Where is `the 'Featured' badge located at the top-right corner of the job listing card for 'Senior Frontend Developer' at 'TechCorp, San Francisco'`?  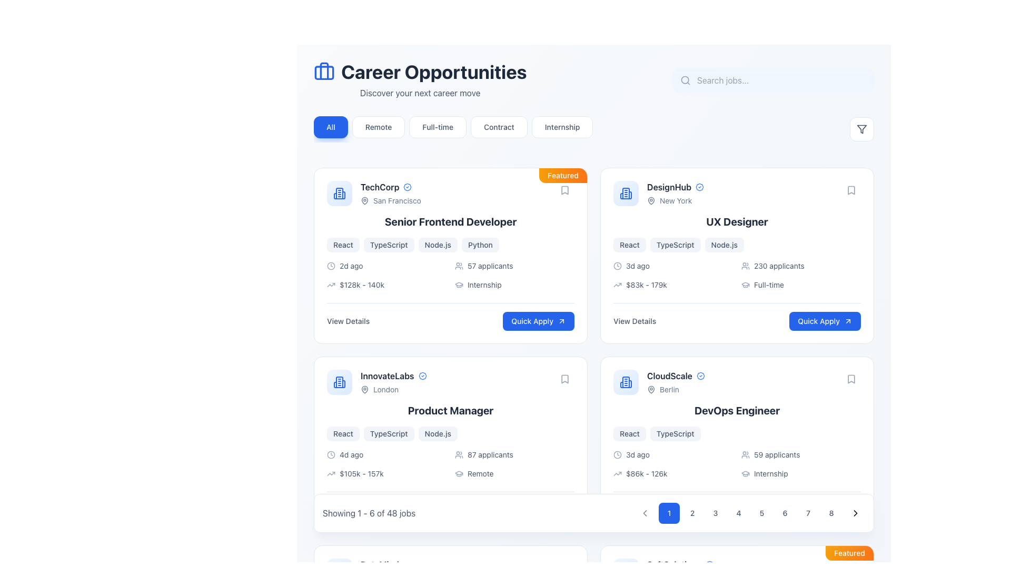 the 'Featured' badge located at the top-right corner of the job listing card for 'Senior Frontend Developer' at 'TechCorp, San Francisco' is located at coordinates (562, 175).